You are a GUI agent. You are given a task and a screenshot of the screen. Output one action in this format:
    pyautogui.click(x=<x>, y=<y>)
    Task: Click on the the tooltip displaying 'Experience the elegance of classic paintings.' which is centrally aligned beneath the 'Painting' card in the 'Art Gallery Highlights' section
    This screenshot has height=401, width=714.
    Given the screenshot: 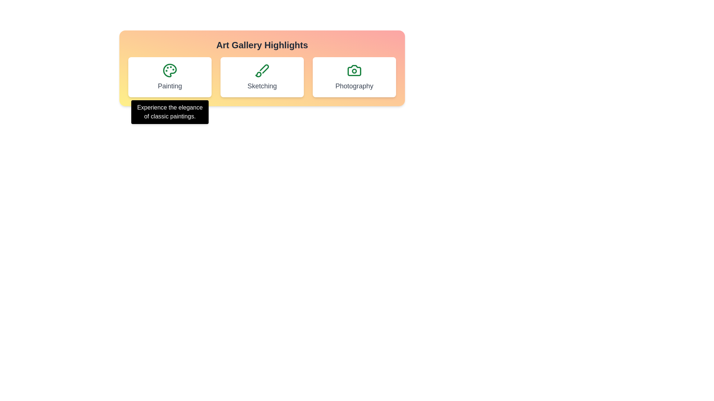 What is the action you would take?
    pyautogui.click(x=169, y=112)
    